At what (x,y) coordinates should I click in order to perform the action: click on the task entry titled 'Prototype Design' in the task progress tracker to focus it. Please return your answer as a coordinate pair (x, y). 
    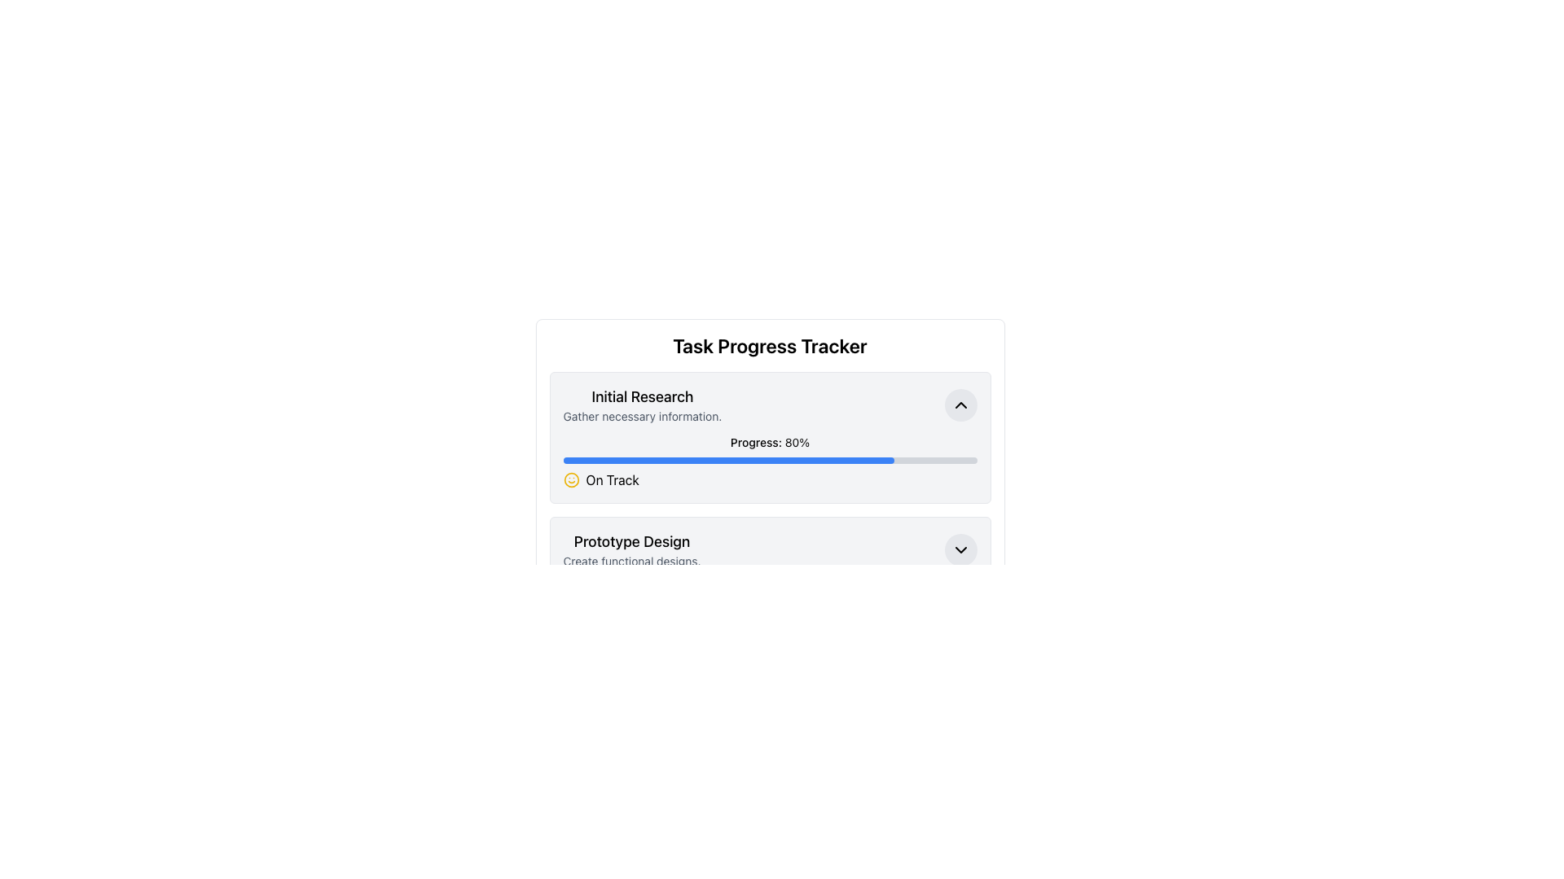
    Looking at the image, I should click on (769, 549).